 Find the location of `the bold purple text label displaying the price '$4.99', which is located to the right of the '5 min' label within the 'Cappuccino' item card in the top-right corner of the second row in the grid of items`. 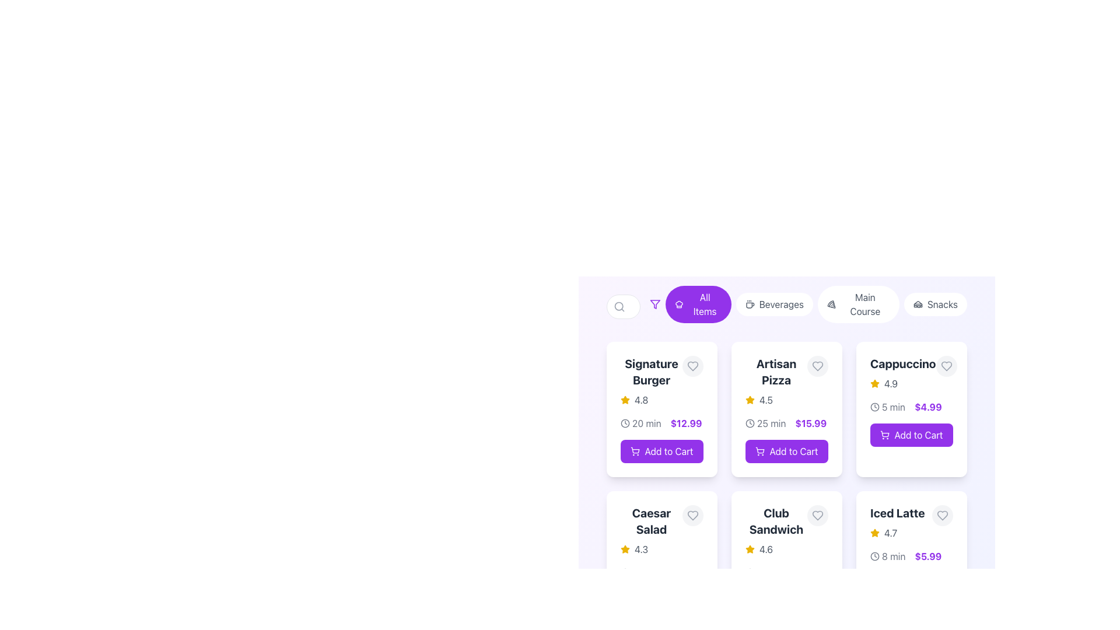

the bold purple text label displaying the price '$4.99', which is located to the right of the '5 min' label within the 'Cappuccino' item card in the top-right corner of the second row in the grid of items is located at coordinates (928, 407).